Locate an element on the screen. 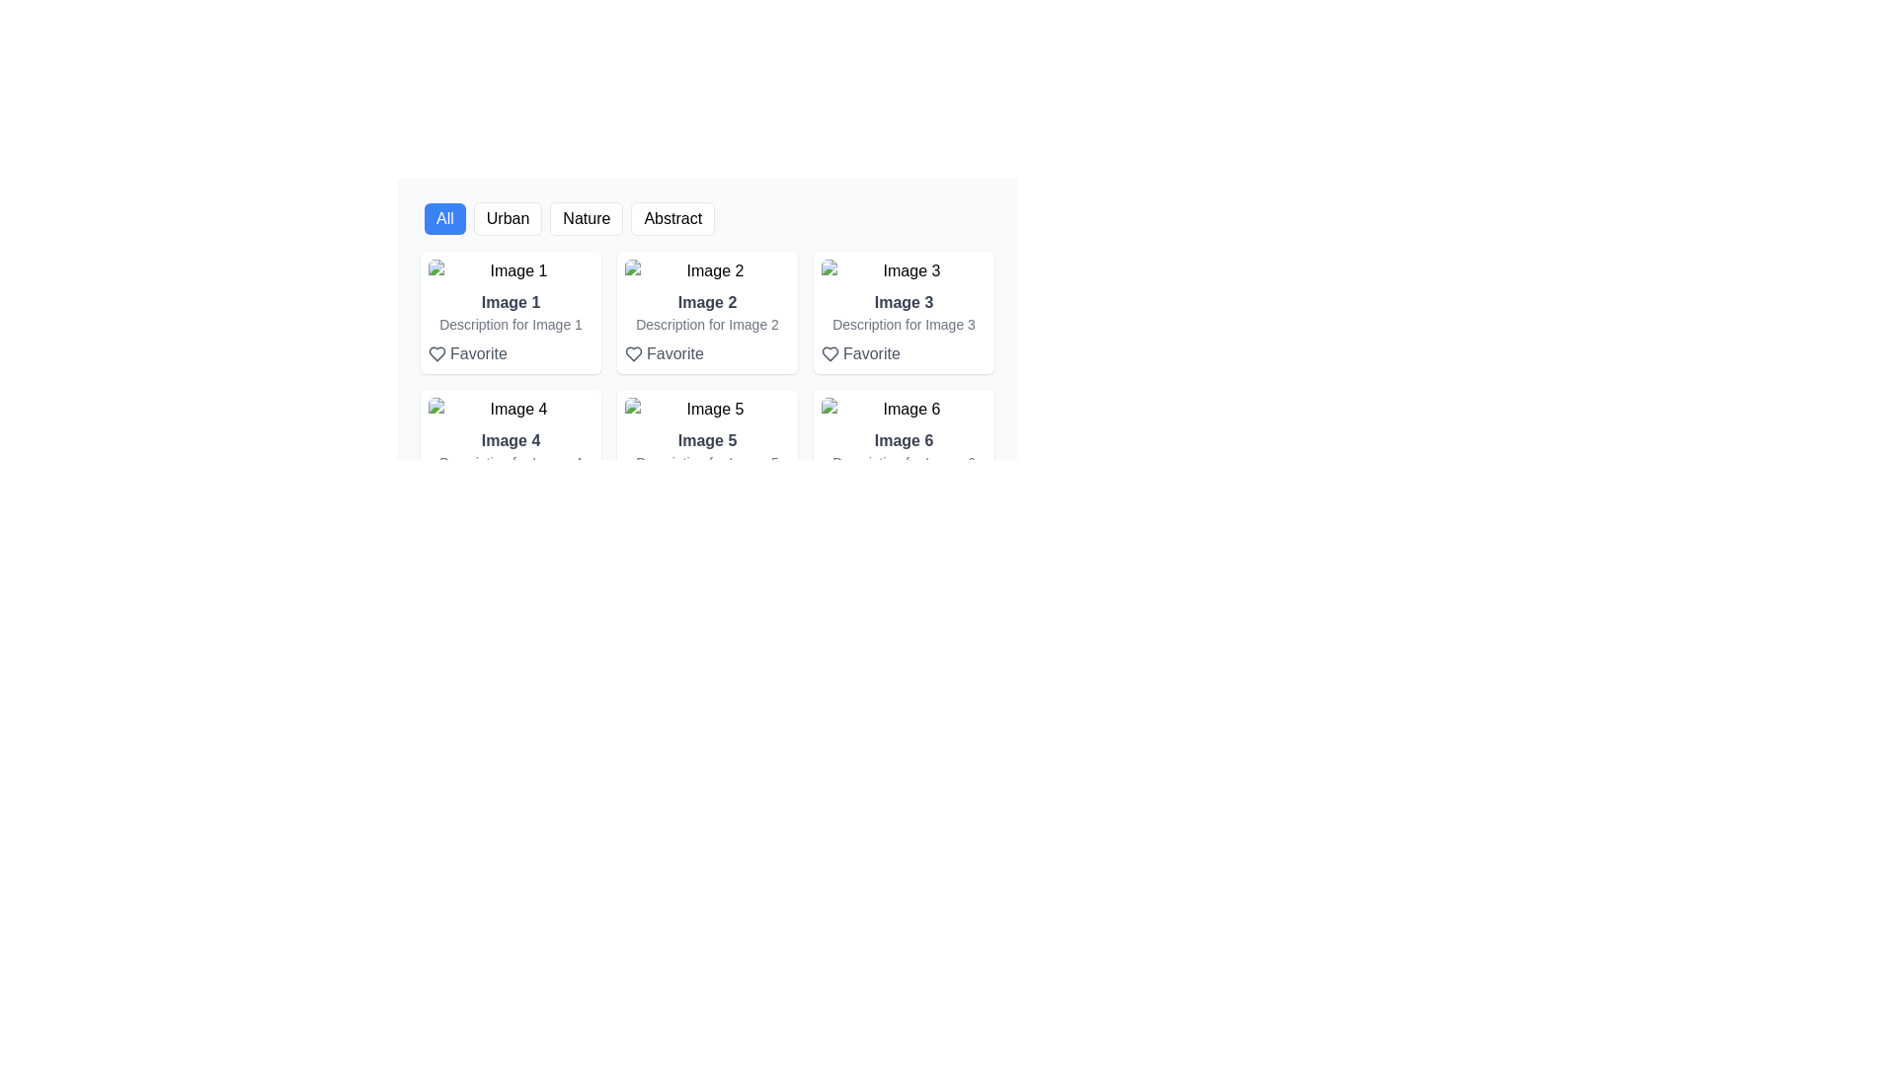 The image size is (1896, 1066). the card component displaying 'Image 3' with a description 'Description for Image 3' and a heart icon labeled 'Favorite' at the bottom is located at coordinates (903, 311).